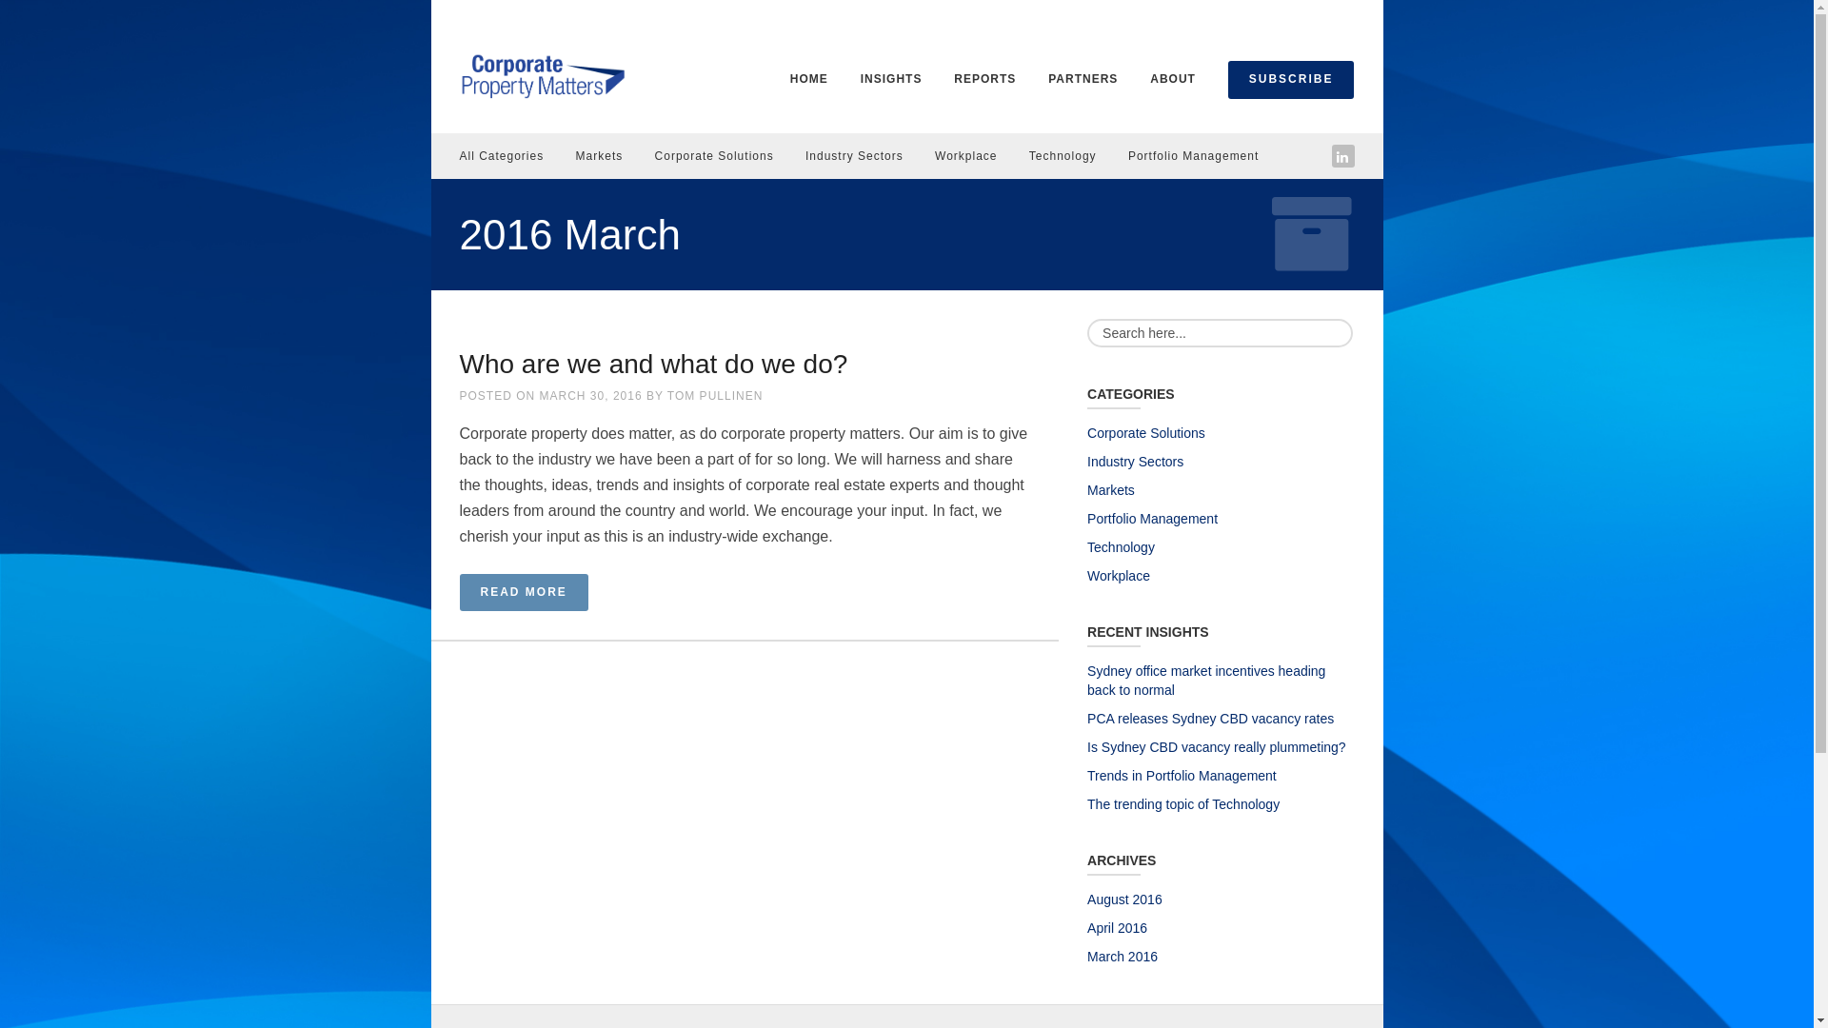 The image size is (1828, 1028). What do you see at coordinates (541, 72) in the screenshot?
I see `'Corporate Property Matters'` at bounding box center [541, 72].